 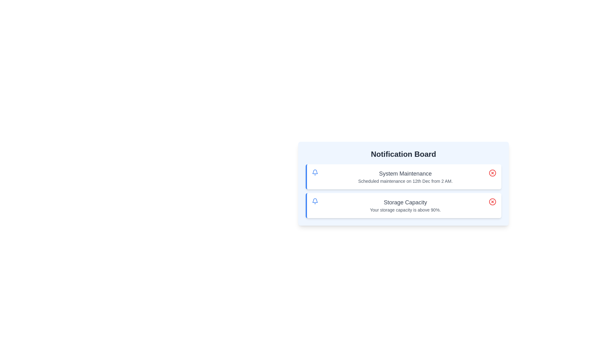 I want to click on the description text of the notification, so click(x=405, y=181).